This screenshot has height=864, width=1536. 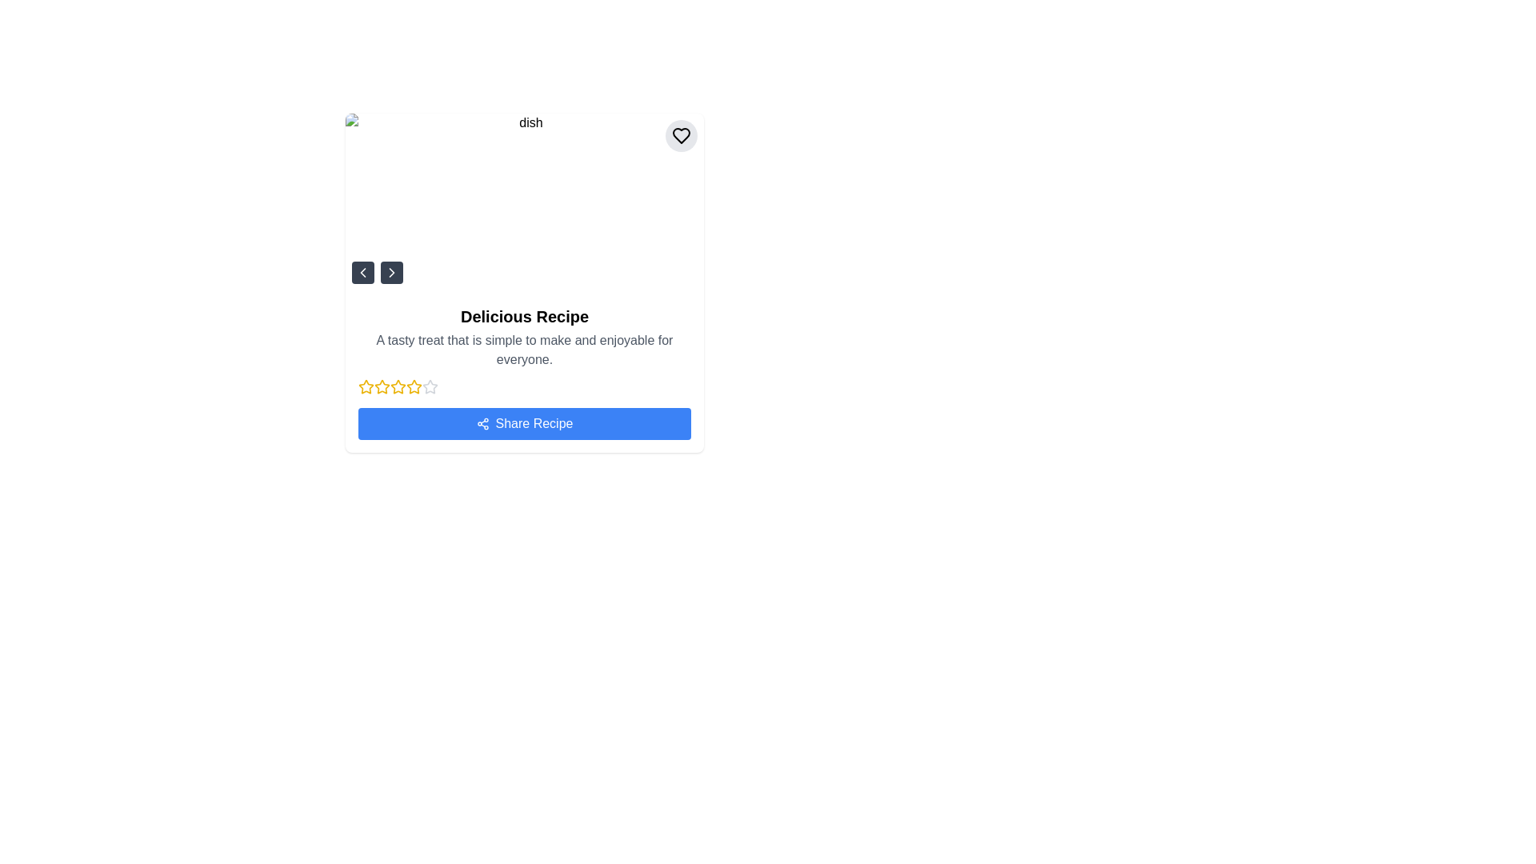 I want to click on the fifth star icon in the rating system of the recipe card UI component, which serves as a visual indicator for feedback, so click(x=430, y=386).